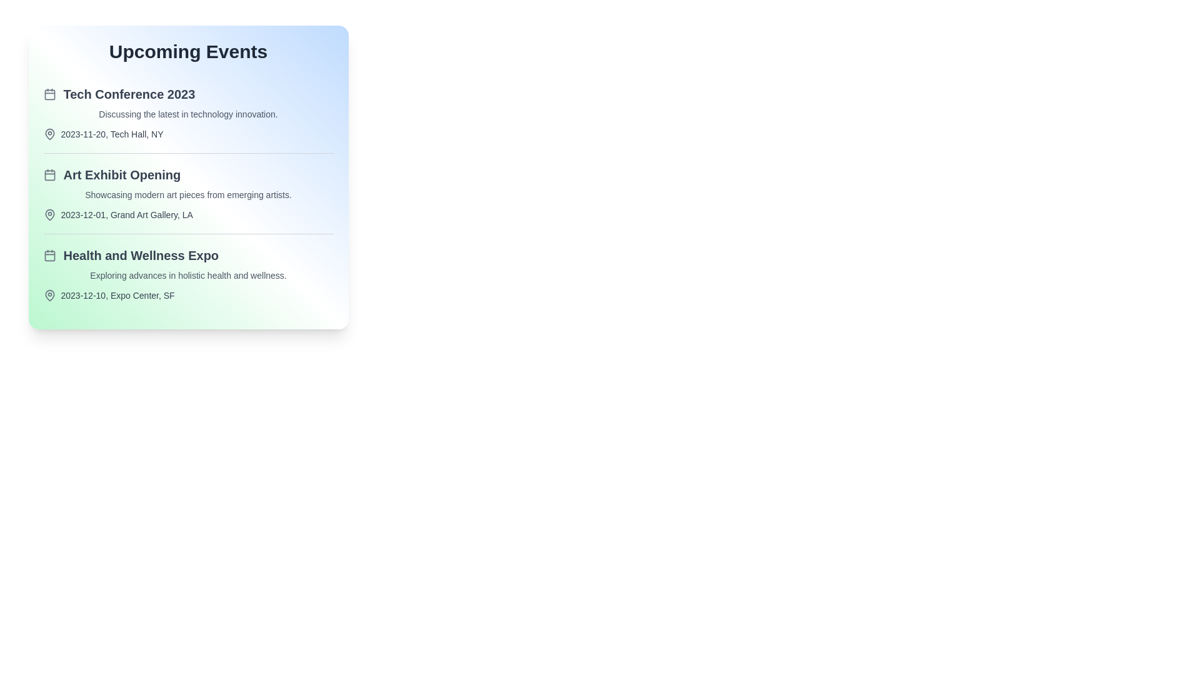  What do you see at coordinates (49, 175) in the screenshot?
I see `the calendar icon for the Art Exhibit Opening event` at bounding box center [49, 175].